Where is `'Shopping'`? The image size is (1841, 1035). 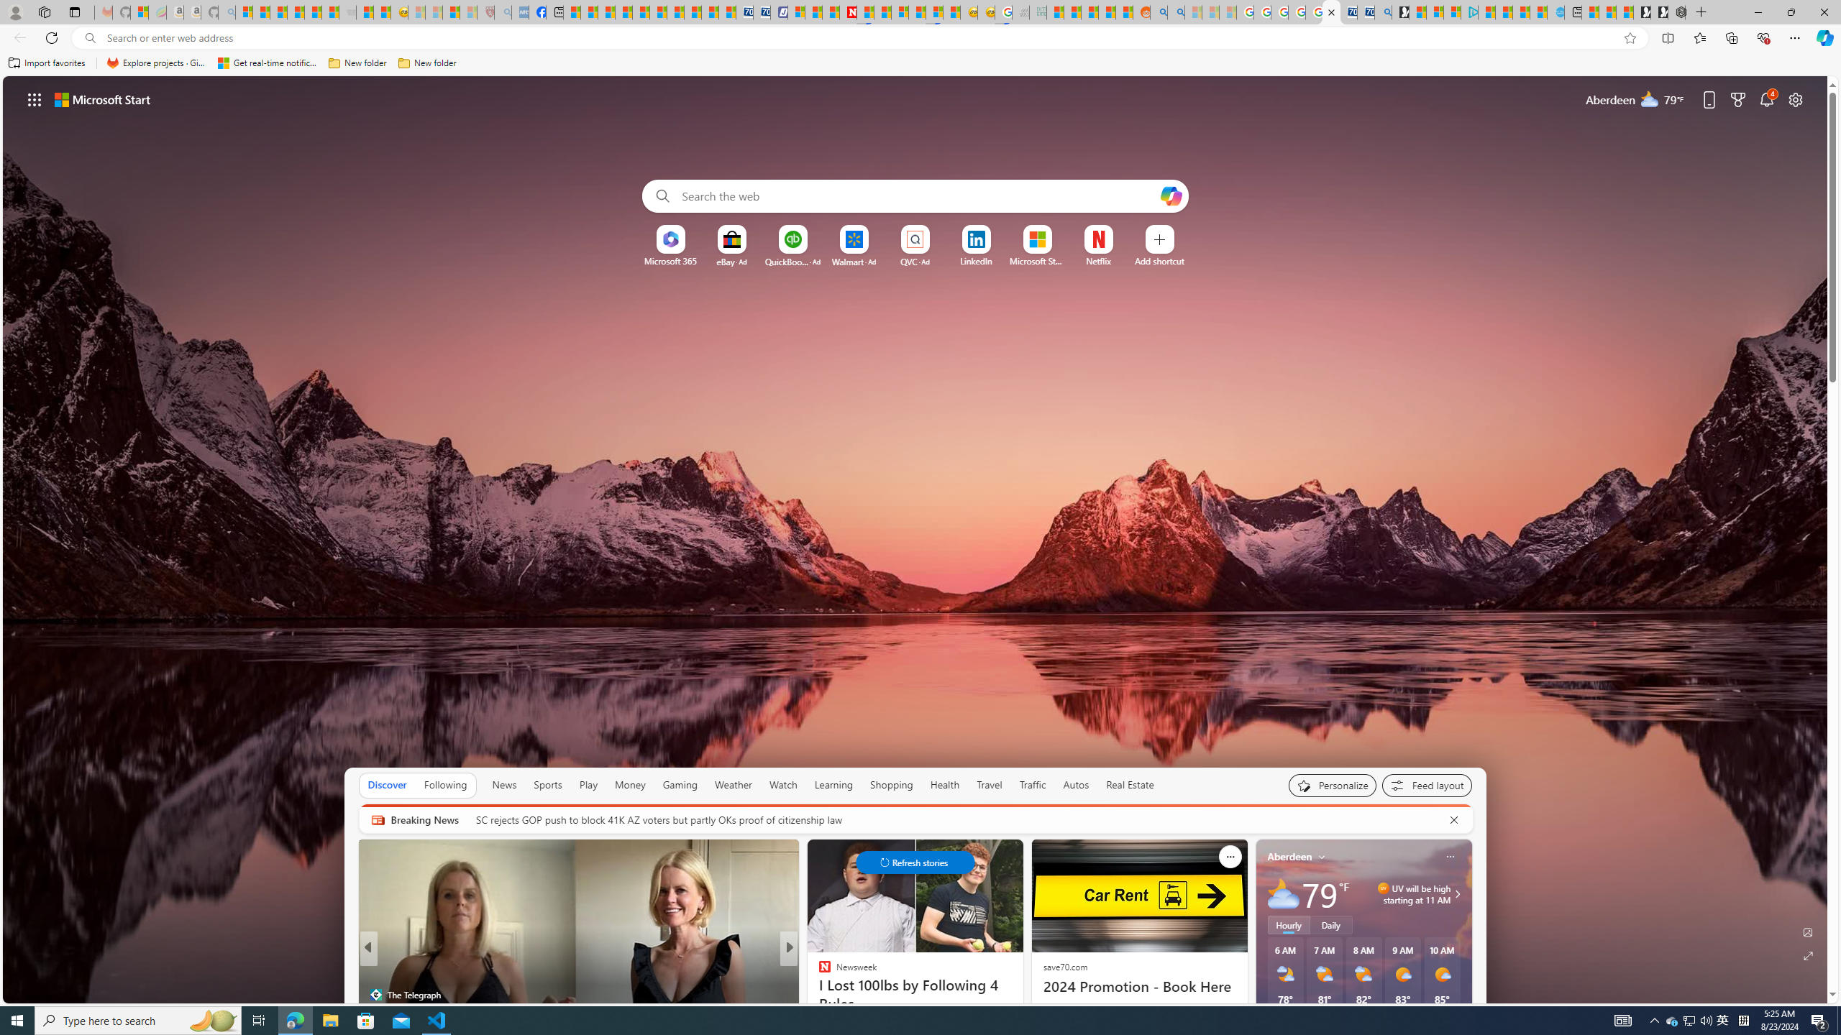 'Shopping' is located at coordinates (891, 784).